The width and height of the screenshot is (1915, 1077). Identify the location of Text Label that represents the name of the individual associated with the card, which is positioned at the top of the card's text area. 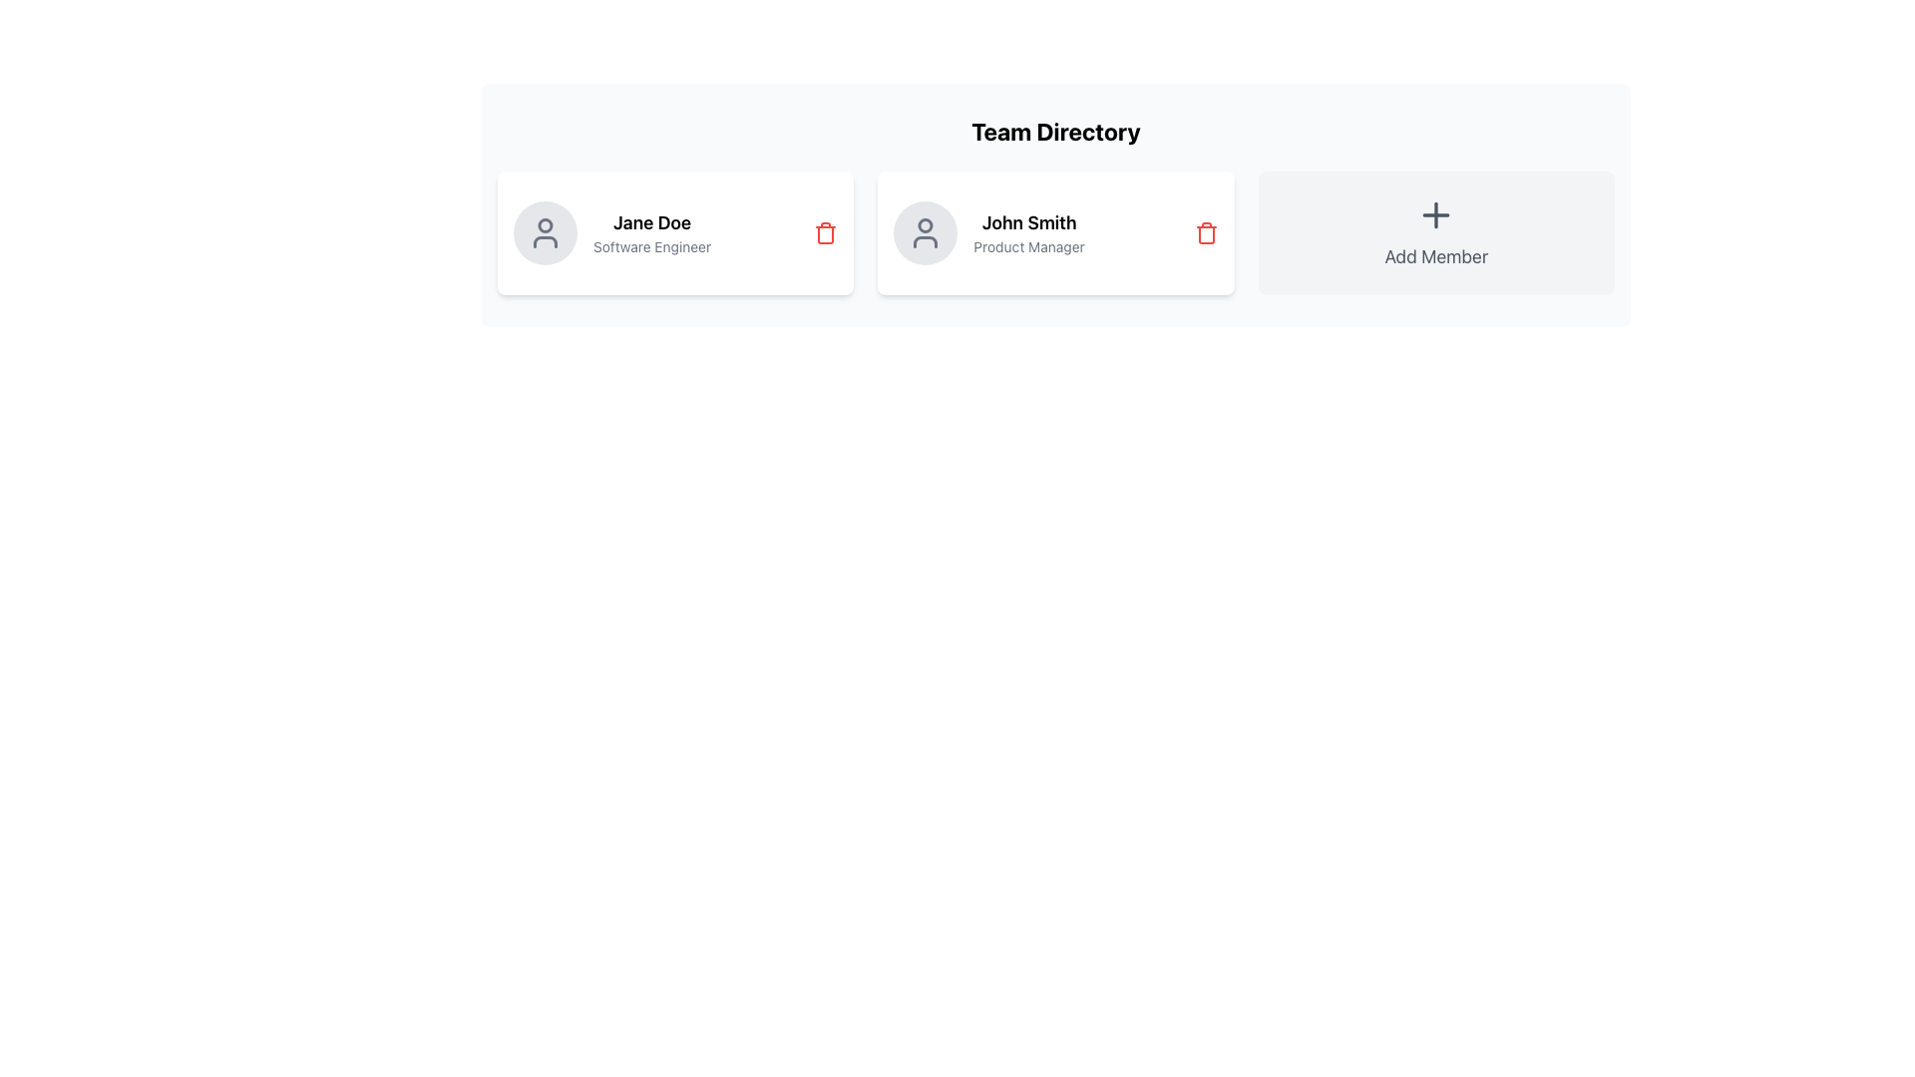
(652, 222).